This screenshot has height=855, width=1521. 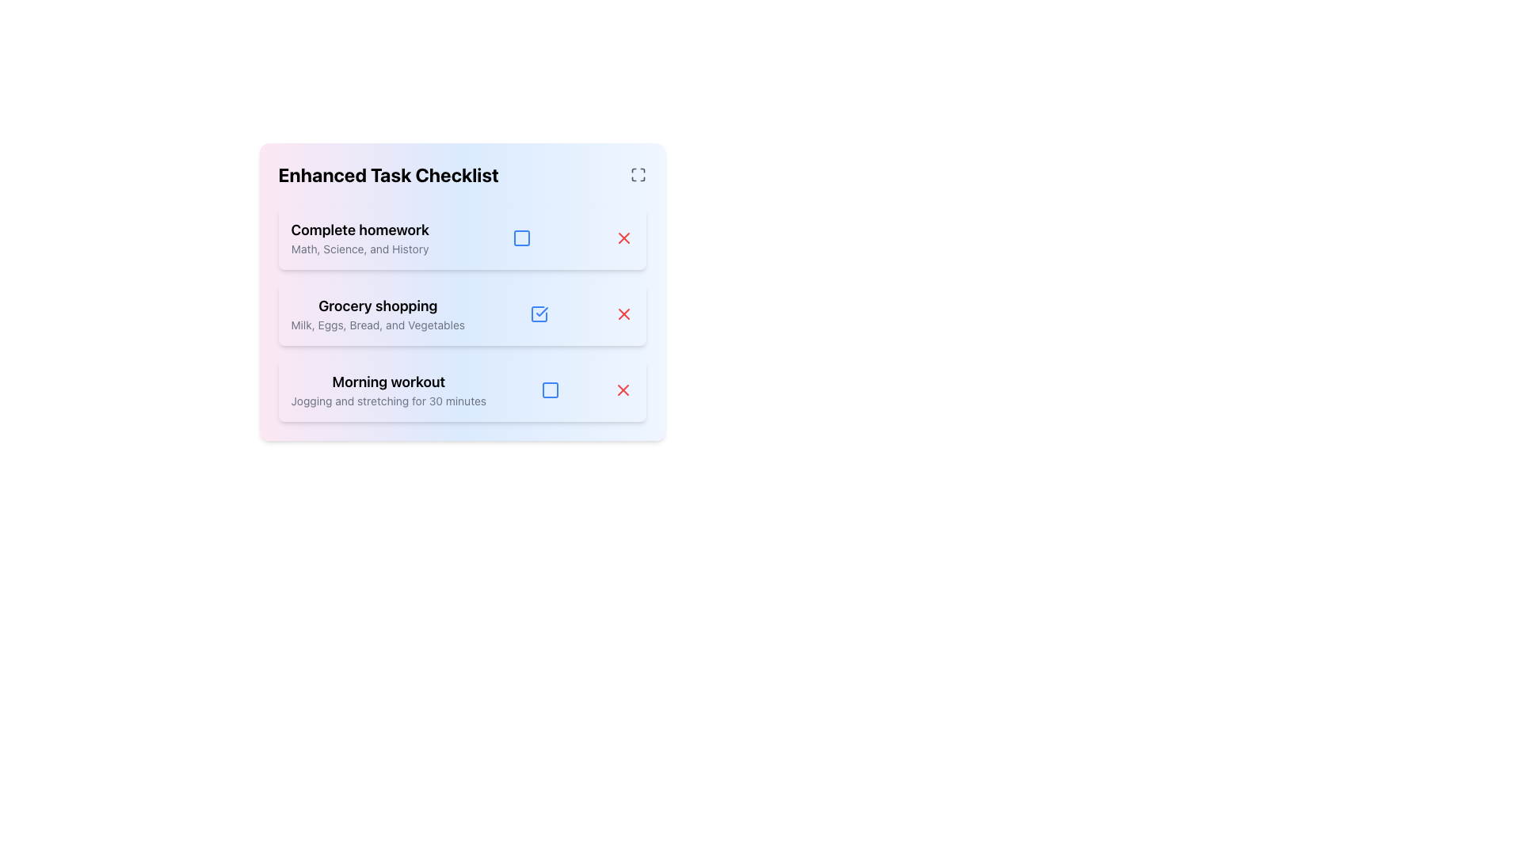 What do you see at coordinates (623, 237) in the screenshot?
I see `the delete icon button located on the far right of the 'Complete homework' checklist item` at bounding box center [623, 237].